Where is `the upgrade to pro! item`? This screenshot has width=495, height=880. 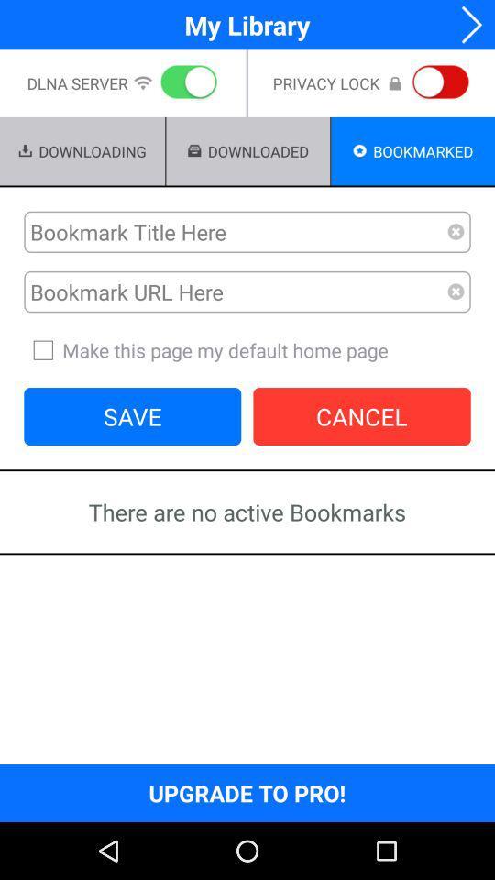
the upgrade to pro! item is located at coordinates (247, 792).